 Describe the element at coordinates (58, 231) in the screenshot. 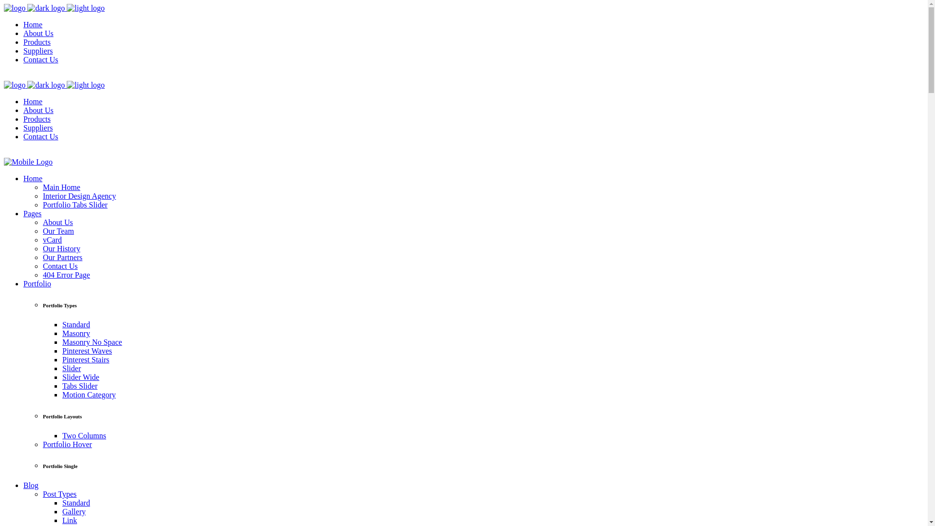

I see `'Our Team'` at that location.